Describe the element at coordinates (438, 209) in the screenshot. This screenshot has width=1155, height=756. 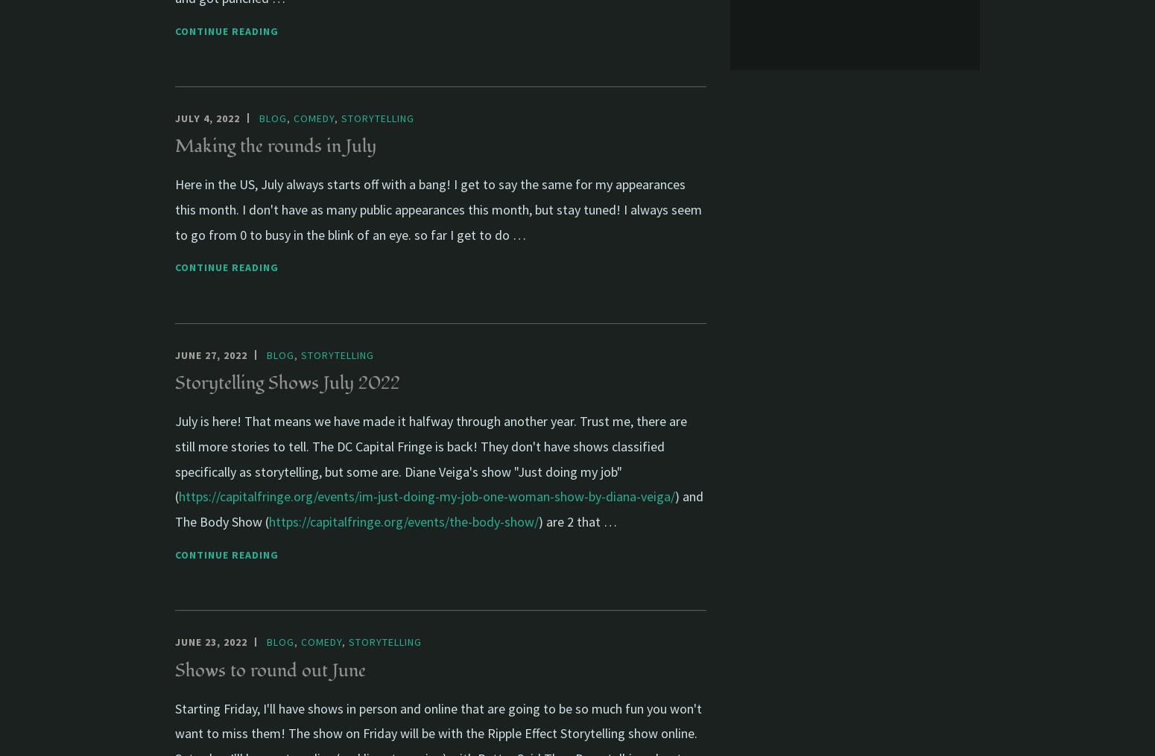
I see `'Here in the US, July always starts off with a bang! I get to say the same for my appearances this month. I don't have as many public appearances this month, but stay tuned! I always seem to go from 0 to busy in the blink of an eye. so far I get to do …'` at that location.